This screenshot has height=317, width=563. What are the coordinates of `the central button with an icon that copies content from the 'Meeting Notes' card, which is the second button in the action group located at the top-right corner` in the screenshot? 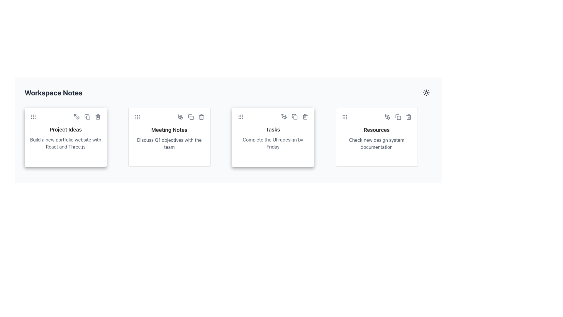 It's located at (191, 117).